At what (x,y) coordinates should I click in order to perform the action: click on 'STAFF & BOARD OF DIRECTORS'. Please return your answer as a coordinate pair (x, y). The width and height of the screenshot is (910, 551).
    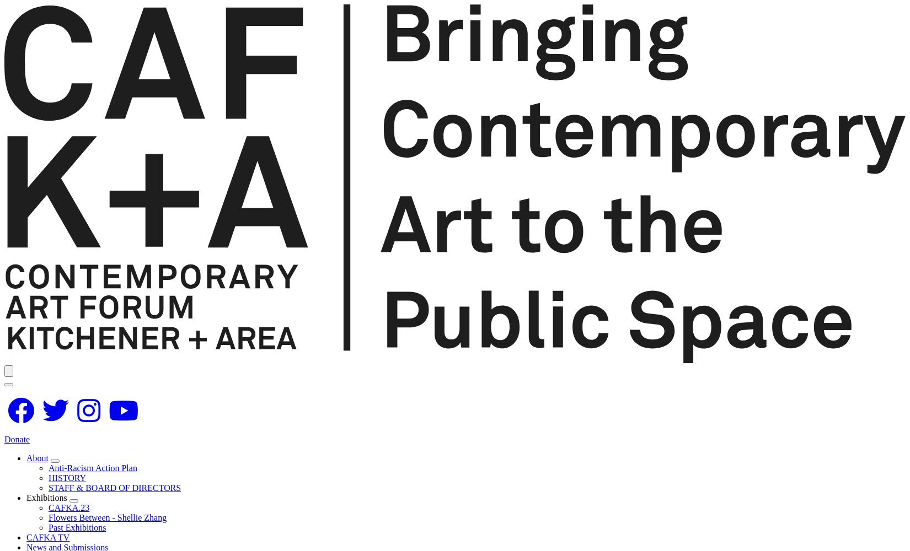
    Looking at the image, I should click on (115, 487).